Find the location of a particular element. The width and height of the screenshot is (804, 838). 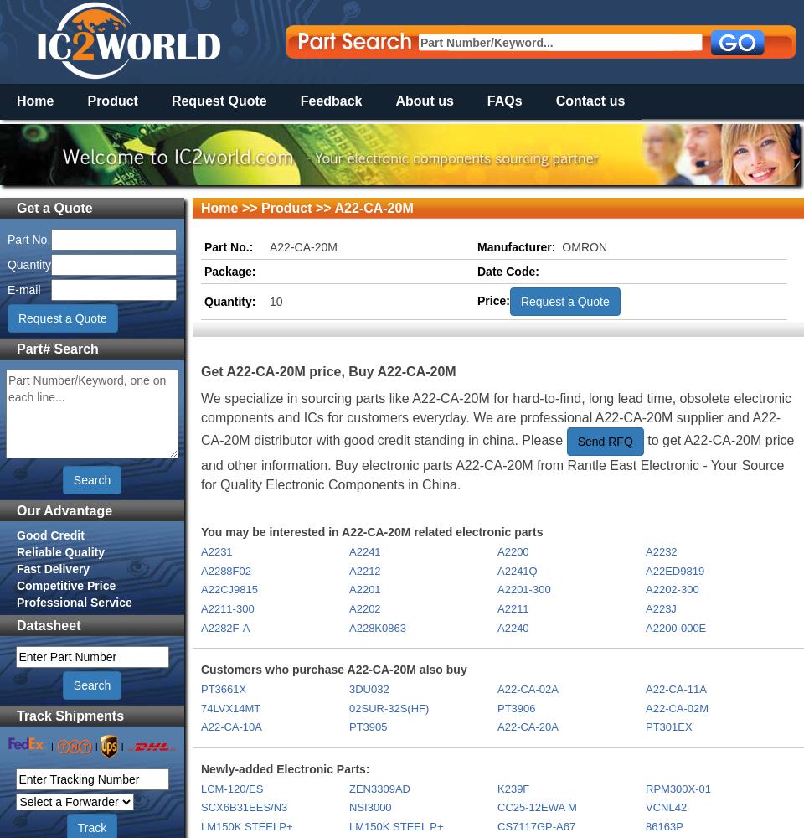

'>> A22-CA-20M' is located at coordinates (311, 206).